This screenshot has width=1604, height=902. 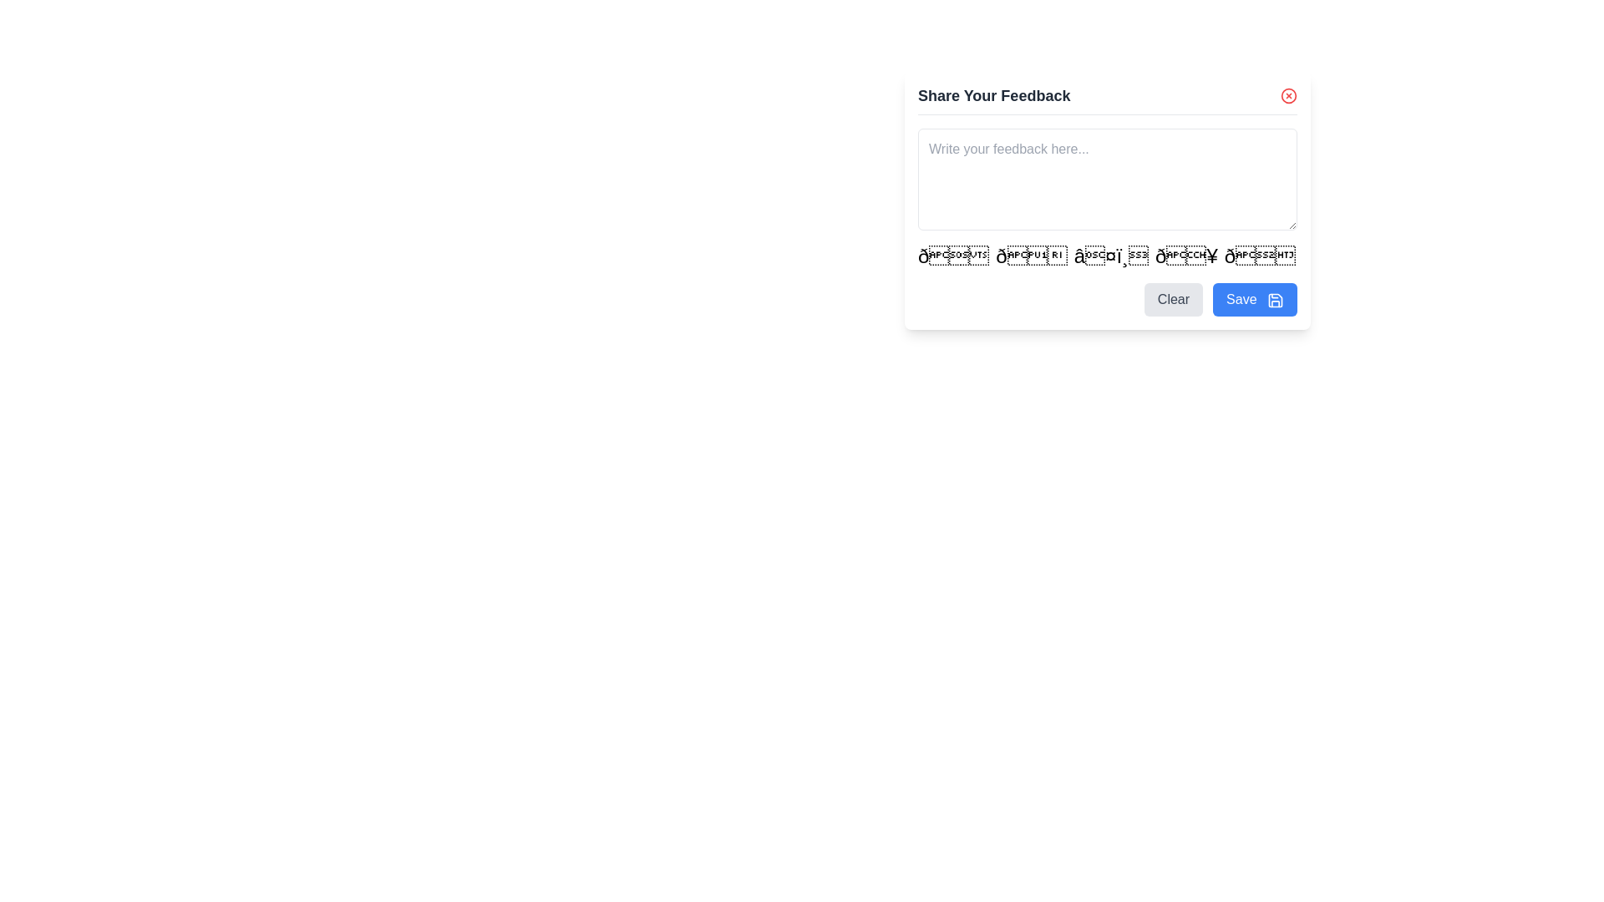 What do you see at coordinates (1111, 256) in the screenshot?
I see `the interactive icon for expressing appreciation, located in the third position of a horizontal arrangement of five icons near the bottom-right corner of the feedback panel` at bounding box center [1111, 256].